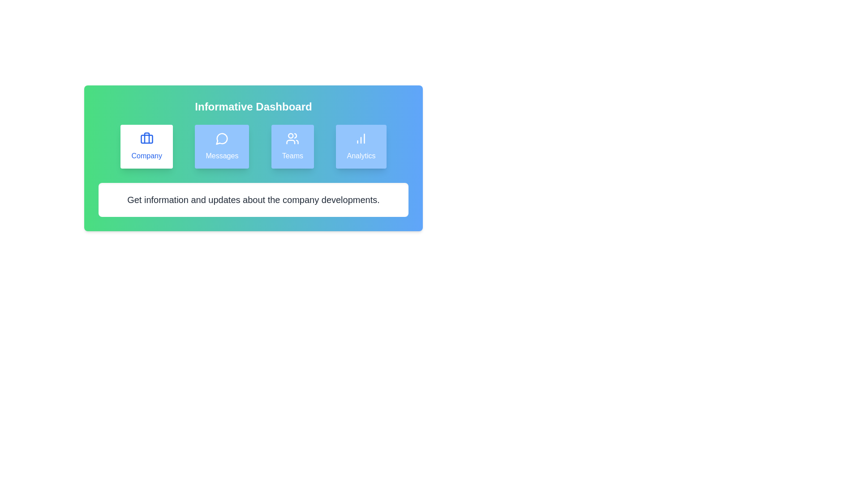 This screenshot has width=860, height=483. I want to click on the SVG icon that represents the 'Teams' section, so click(292, 138).